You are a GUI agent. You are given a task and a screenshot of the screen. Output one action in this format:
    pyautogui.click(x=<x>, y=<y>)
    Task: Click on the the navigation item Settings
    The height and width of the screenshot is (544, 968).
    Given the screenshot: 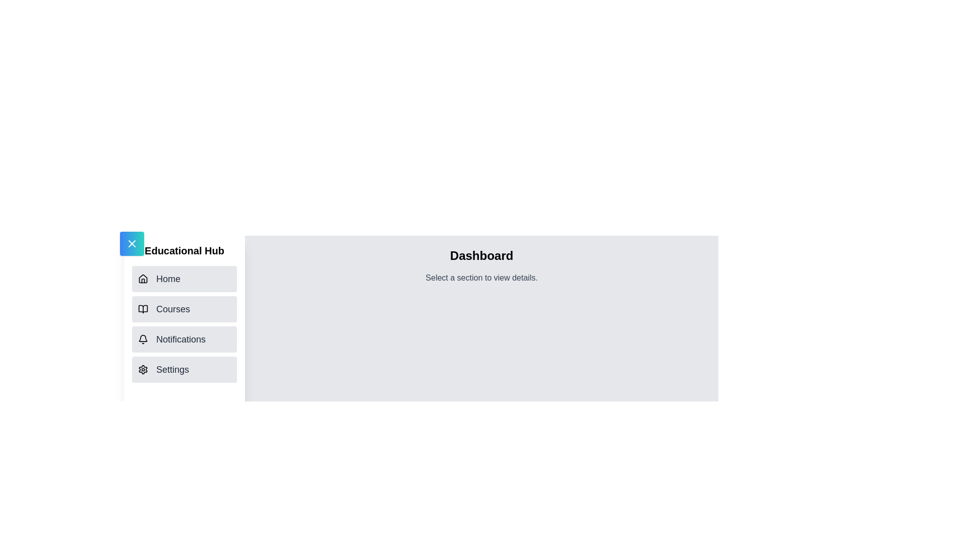 What is the action you would take?
    pyautogui.click(x=184, y=369)
    